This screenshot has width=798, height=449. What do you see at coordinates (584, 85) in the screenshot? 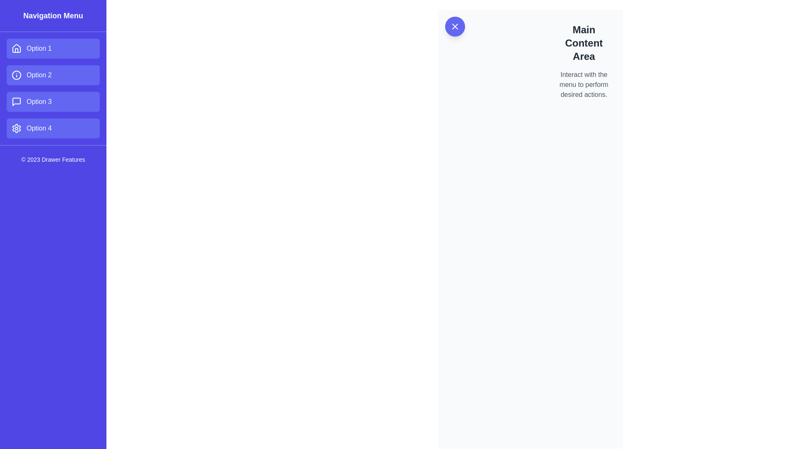
I see `the text block styled in smaller gray font that reads 'Interact with the menu to perform desired actions.' located below the heading 'Main Content Area.'` at bounding box center [584, 85].